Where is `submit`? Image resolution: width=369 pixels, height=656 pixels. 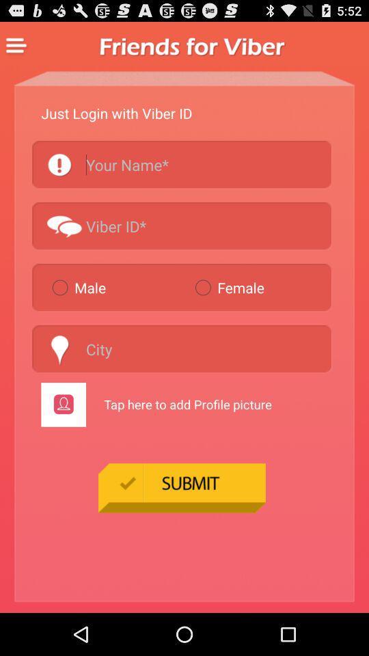 submit is located at coordinates (182, 487).